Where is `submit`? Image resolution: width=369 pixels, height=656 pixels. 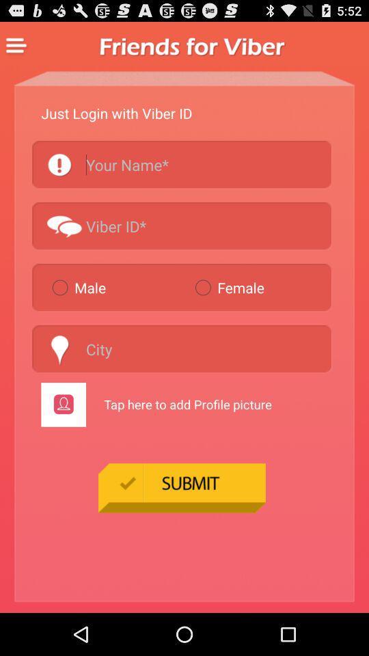 submit is located at coordinates (182, 487).